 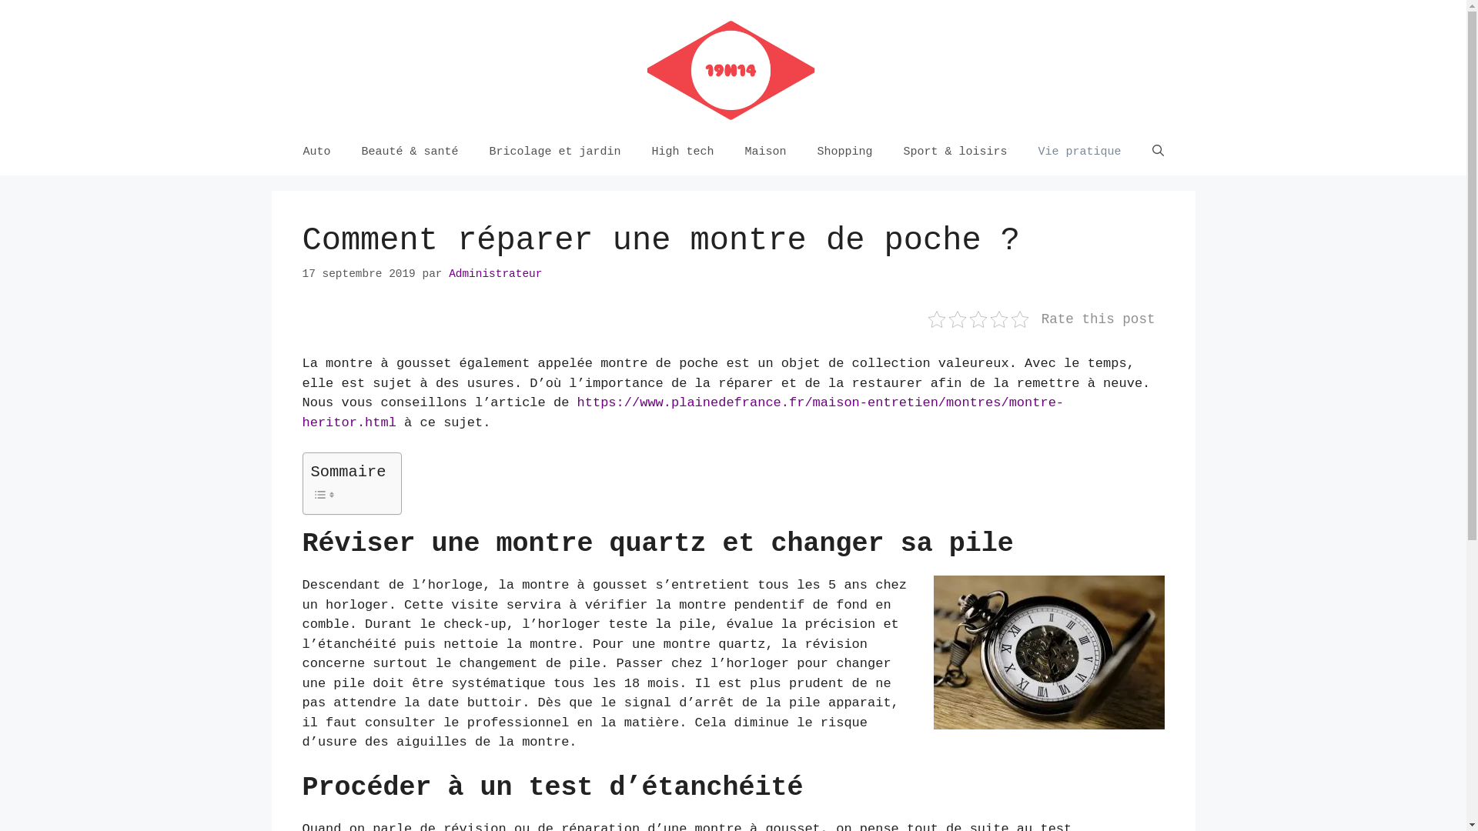 What do you see at coordinates (765, 152) in the screenshot?
I see `'Maison'` at bounding box center [765, 152].